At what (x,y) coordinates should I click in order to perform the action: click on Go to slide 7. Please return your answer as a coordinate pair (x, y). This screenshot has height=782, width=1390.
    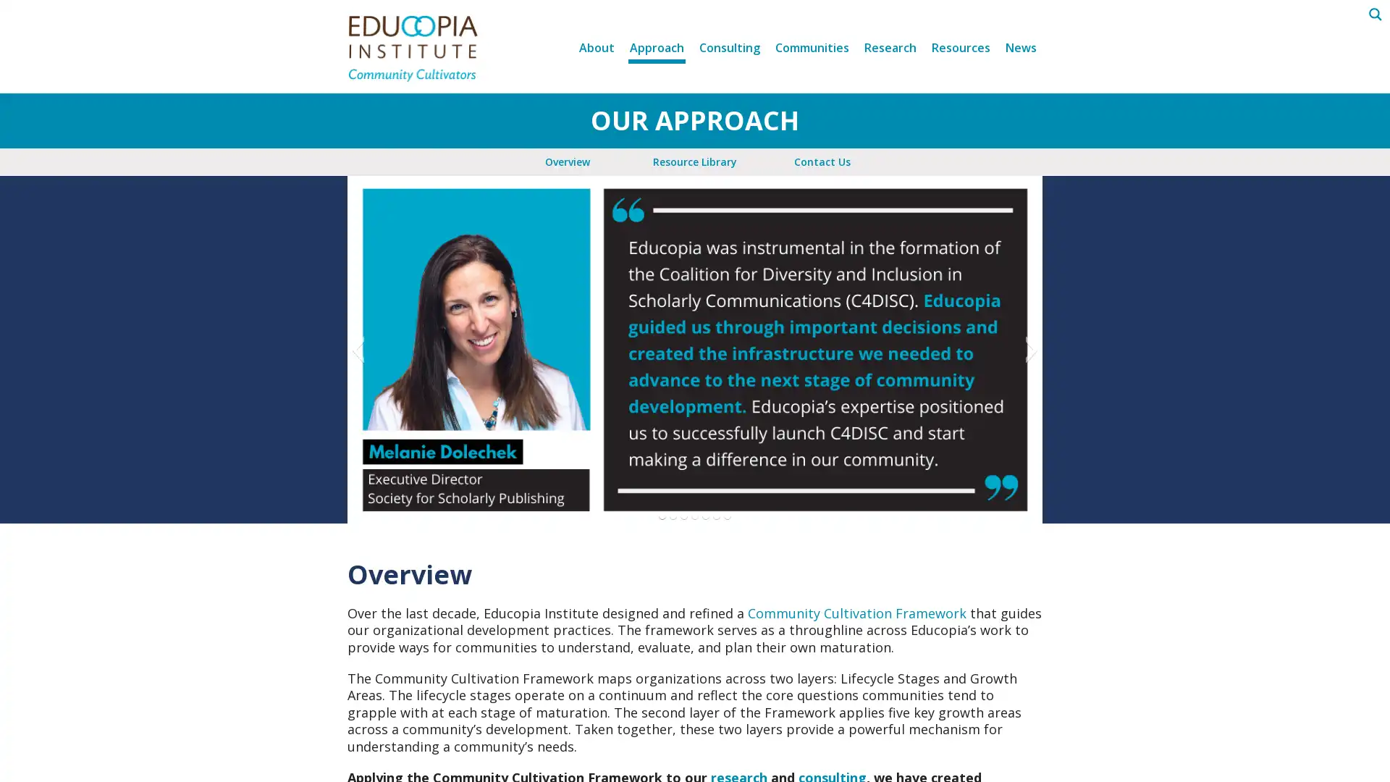
    Looking at the image, I should click on (727, 515).